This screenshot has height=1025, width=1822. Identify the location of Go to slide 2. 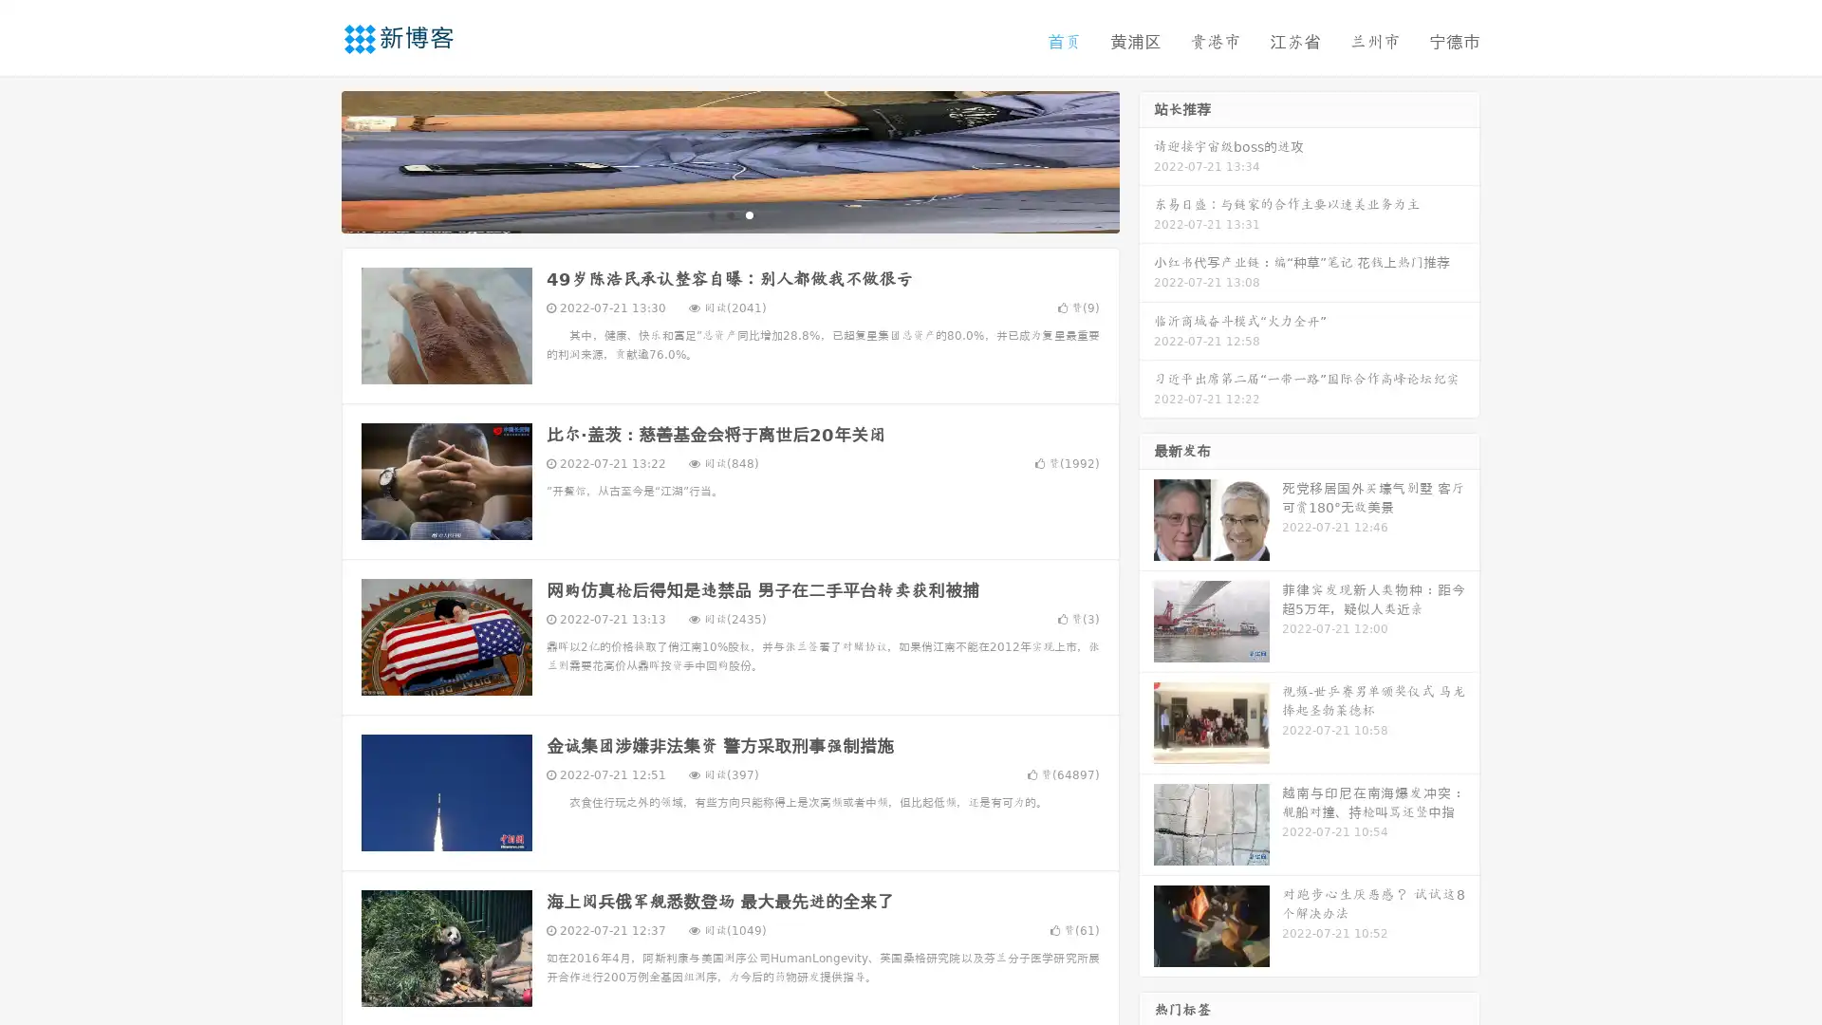
(729, 214).